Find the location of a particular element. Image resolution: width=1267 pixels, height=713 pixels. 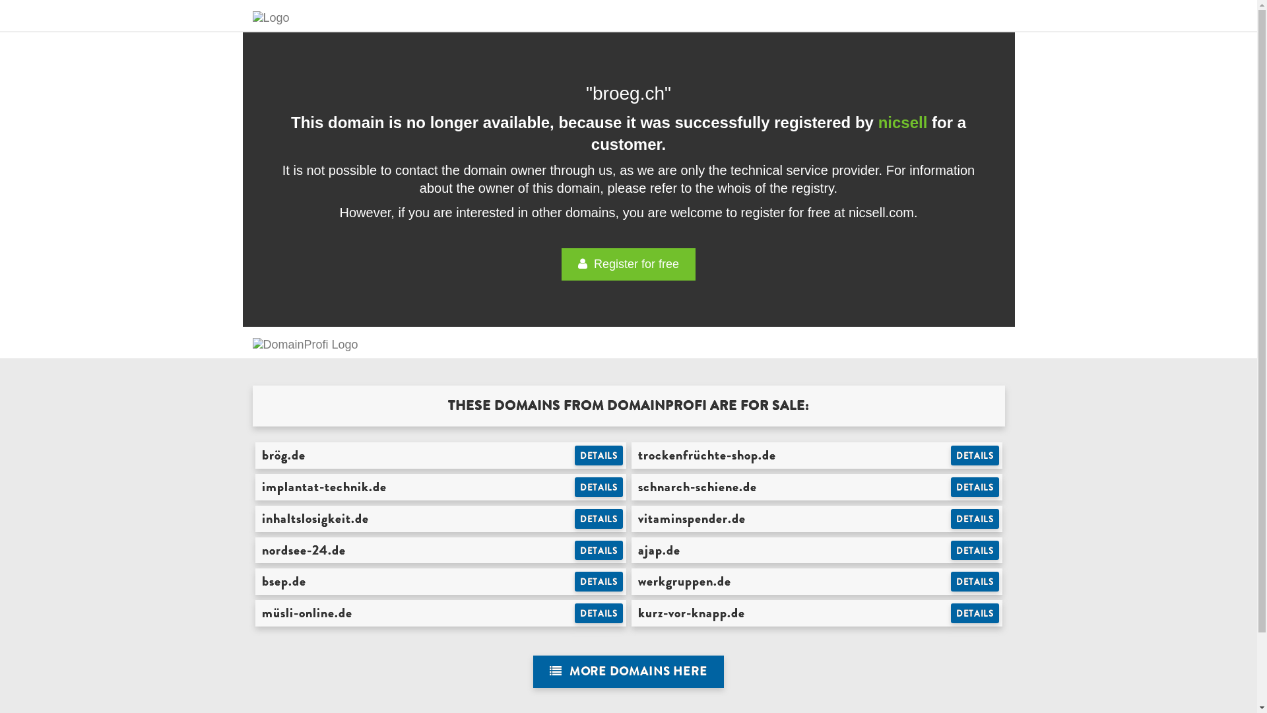

'DETAILS' is located at coordinates (574, 487).